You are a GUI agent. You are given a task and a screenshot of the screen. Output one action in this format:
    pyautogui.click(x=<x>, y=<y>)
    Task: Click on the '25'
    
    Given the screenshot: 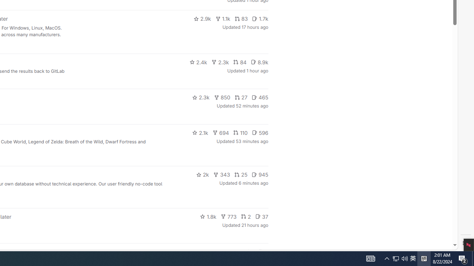 What is the action you would take?
    pyautogui.click(x=241, y=175)
    